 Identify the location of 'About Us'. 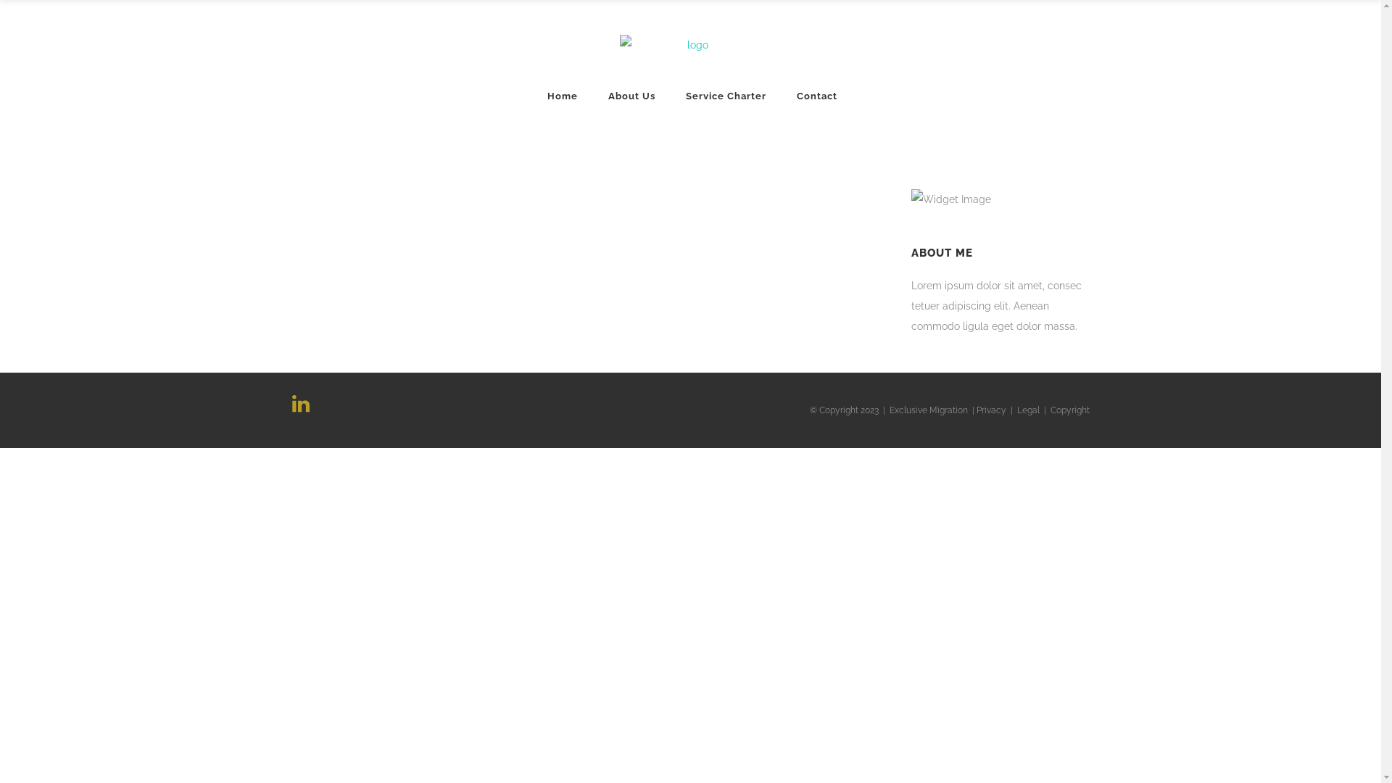
(631, 95).